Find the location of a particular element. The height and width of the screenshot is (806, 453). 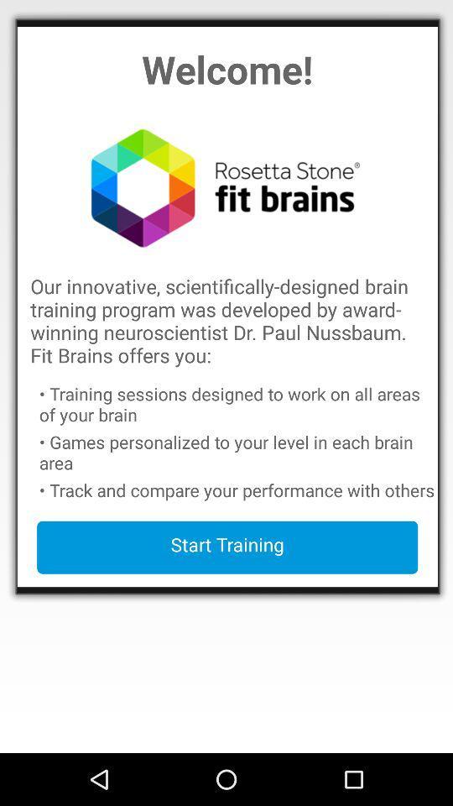

the start training button is located at coordinates (226, 547).